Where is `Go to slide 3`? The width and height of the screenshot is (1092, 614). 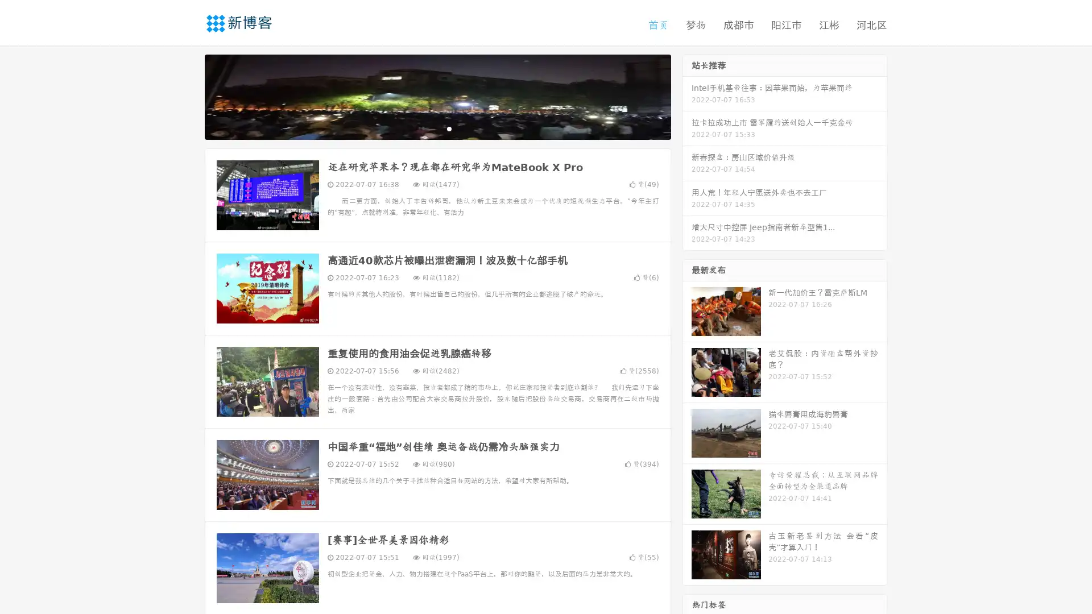
Go to slide 3 is located at coordinates (449, 128).